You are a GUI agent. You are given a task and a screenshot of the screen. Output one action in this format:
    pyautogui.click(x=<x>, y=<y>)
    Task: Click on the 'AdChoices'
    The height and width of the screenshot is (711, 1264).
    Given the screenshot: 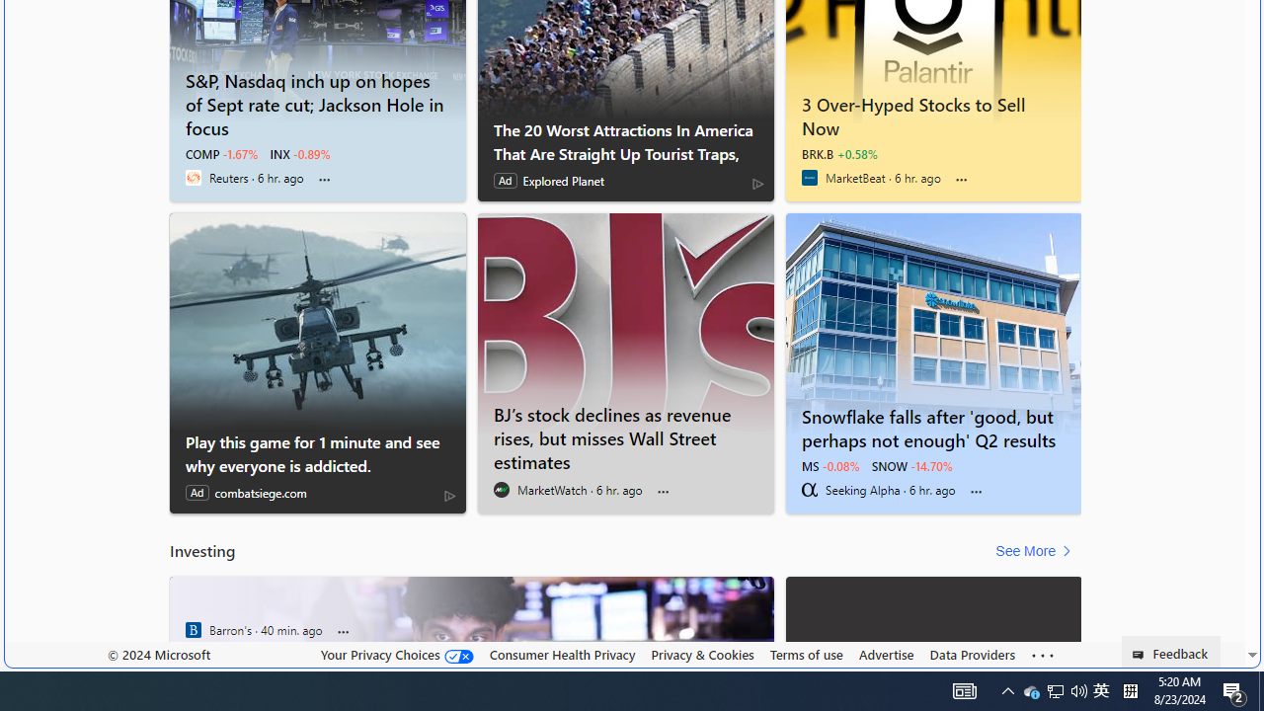 What is the action you would take?
    pyautogui.click(x=449, y=494)
    